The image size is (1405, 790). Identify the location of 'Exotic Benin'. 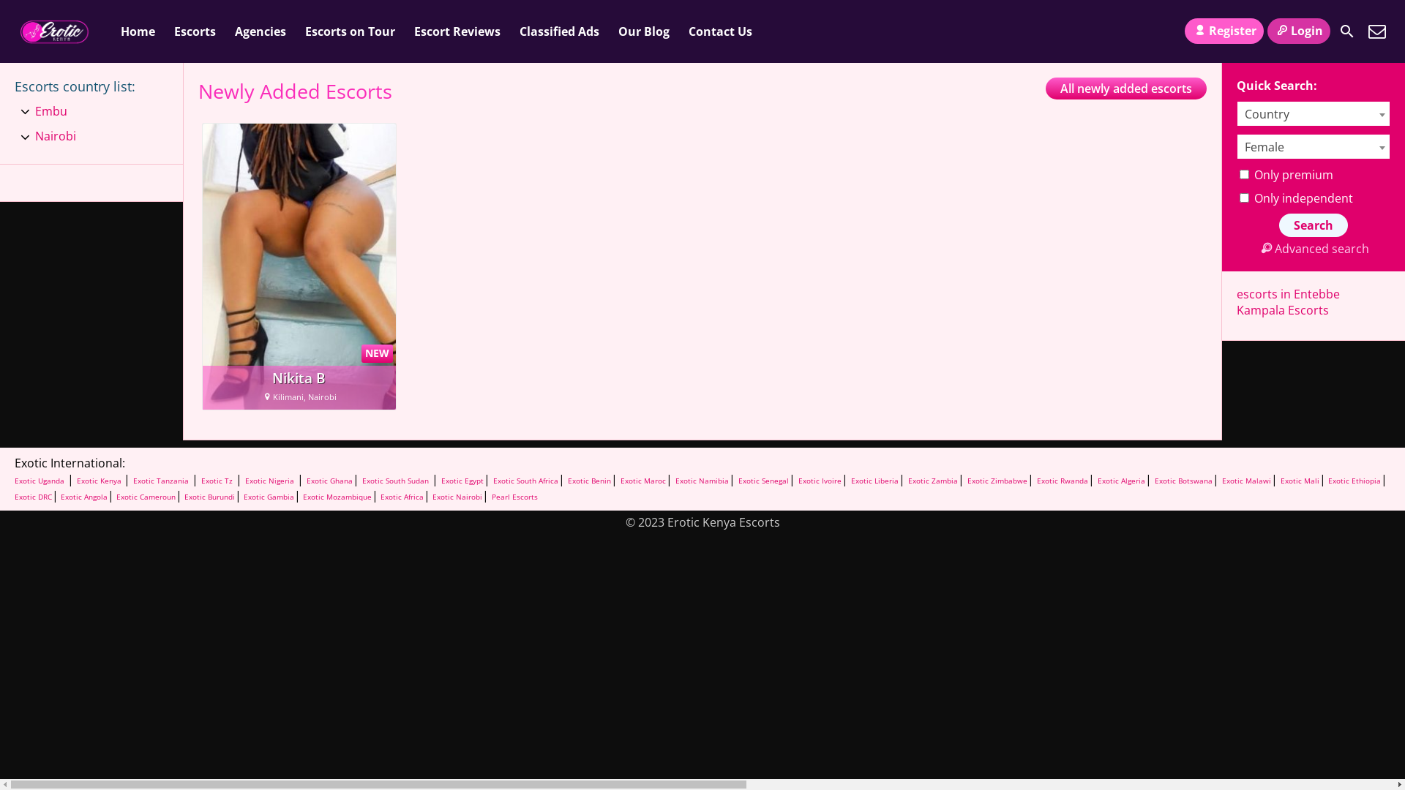
(589, 480).